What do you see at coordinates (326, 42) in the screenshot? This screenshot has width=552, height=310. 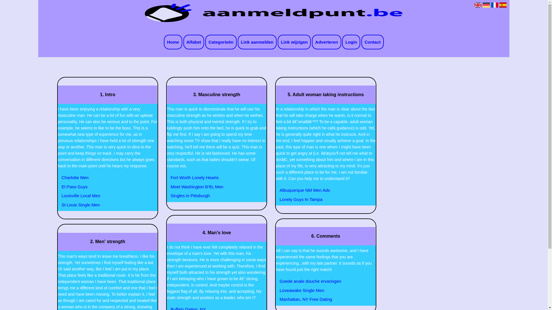 I see `'Adverteren'` at bounding box center [326, 42].